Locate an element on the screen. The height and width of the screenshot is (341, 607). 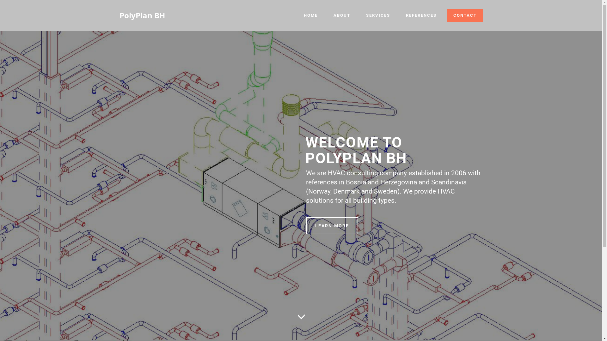
'REFERENCES' is located at coordinates (421, 15).